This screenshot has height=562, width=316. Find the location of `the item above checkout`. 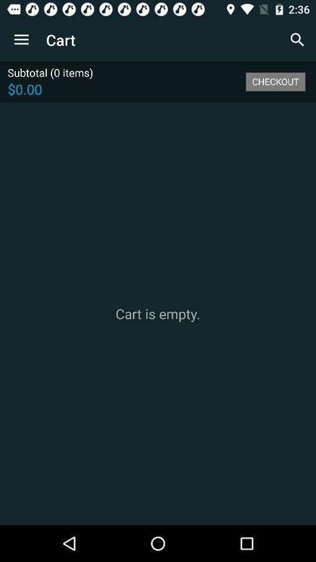

the item above checkout is located at coordinates (297, 40).